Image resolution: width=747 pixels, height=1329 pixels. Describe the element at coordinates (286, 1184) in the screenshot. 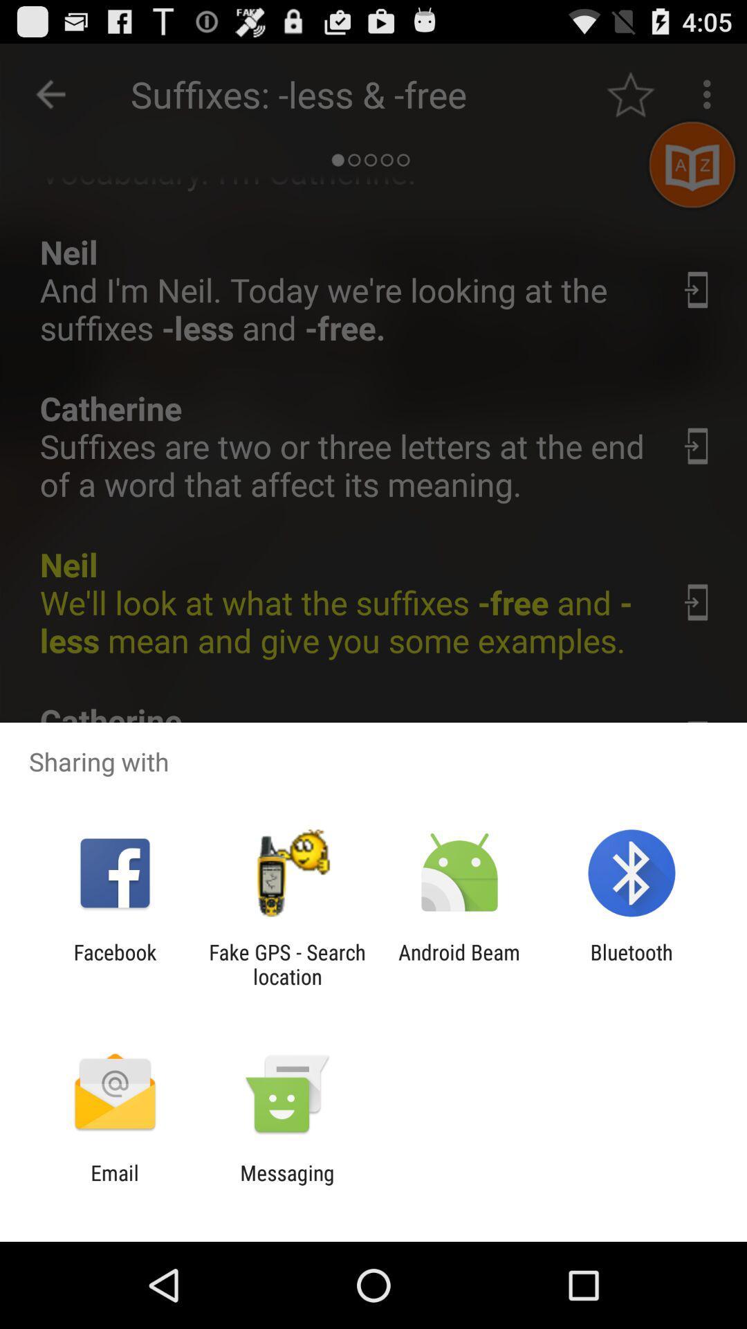

I see `the messaging` at that location.